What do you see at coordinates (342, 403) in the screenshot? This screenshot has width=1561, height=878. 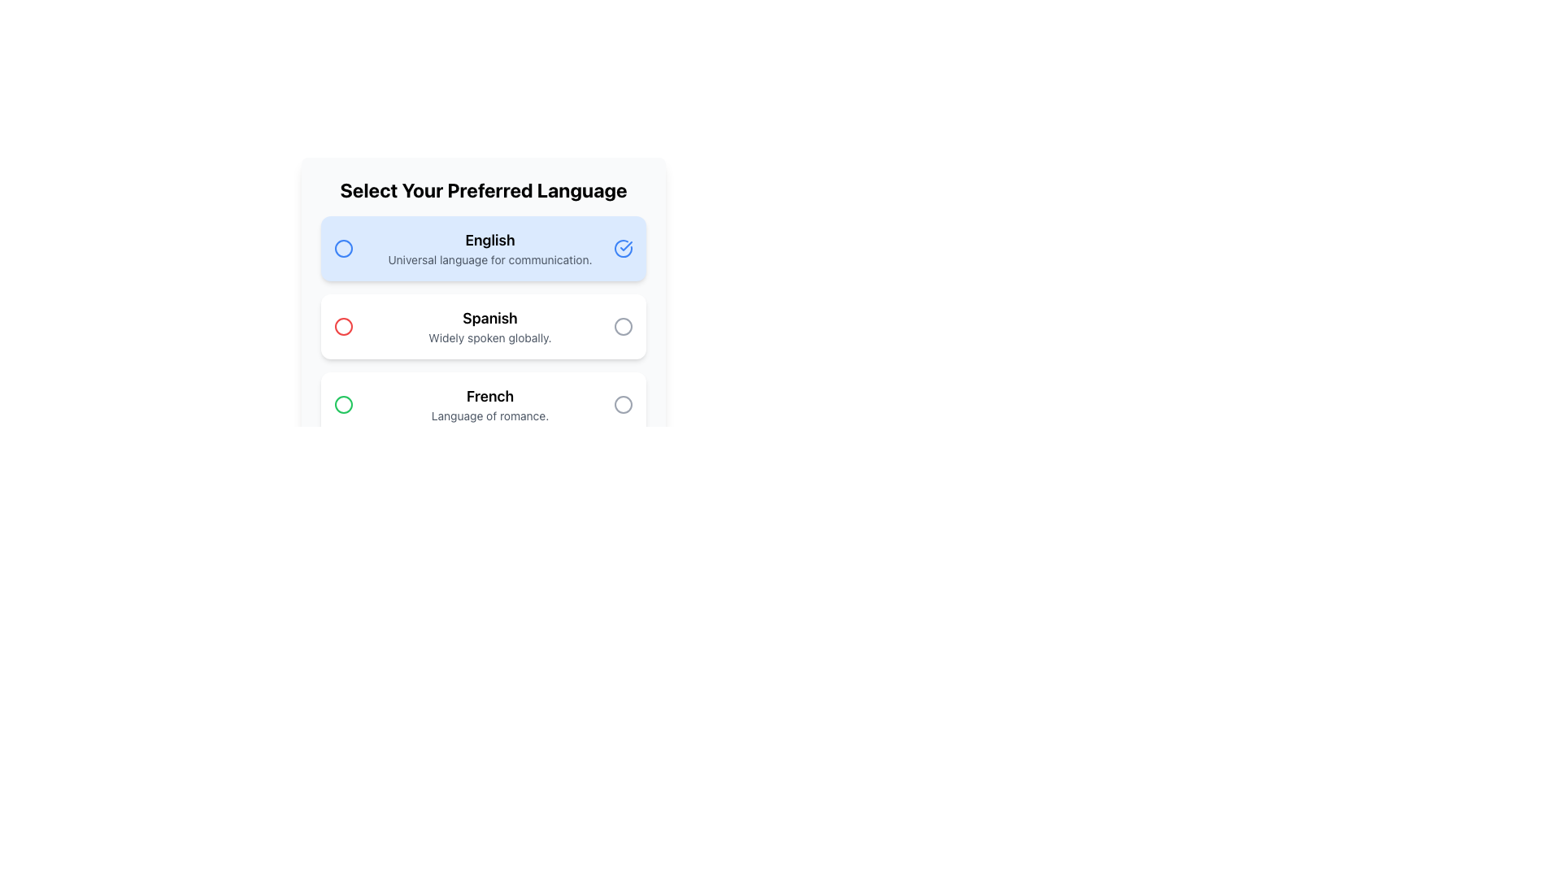 I see `the circular radio button indicator with a green border and white fill next to the label 'French' in the language selection interface` at bounding box center [342, 403].